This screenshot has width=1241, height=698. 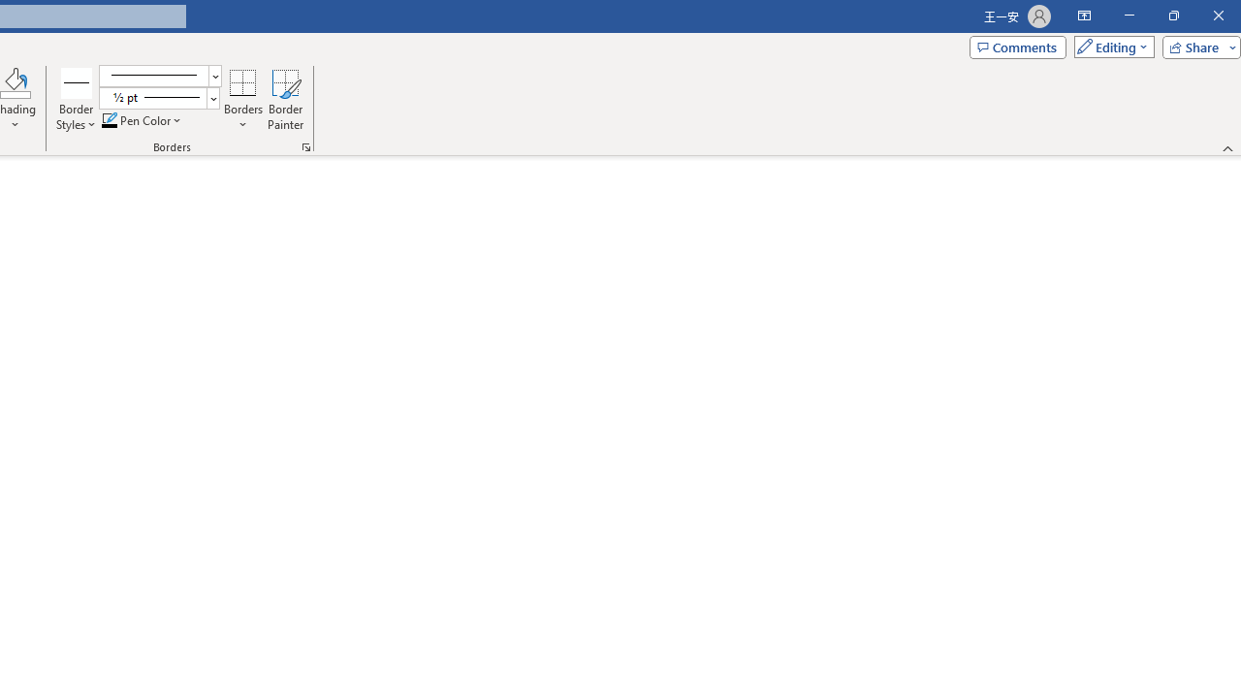 What do you see at coordinates (242, 81) in the screenshot?
I see `'Borders'` at bounding box center [242, 81].